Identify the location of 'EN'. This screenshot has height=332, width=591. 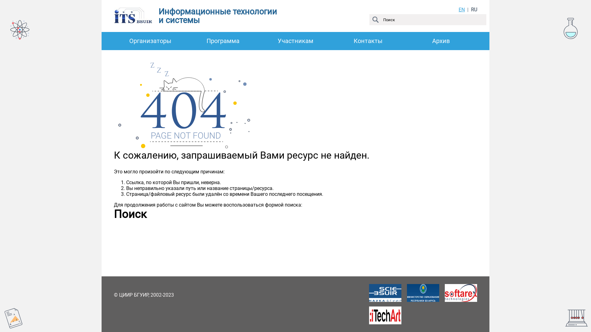
(461, 10).